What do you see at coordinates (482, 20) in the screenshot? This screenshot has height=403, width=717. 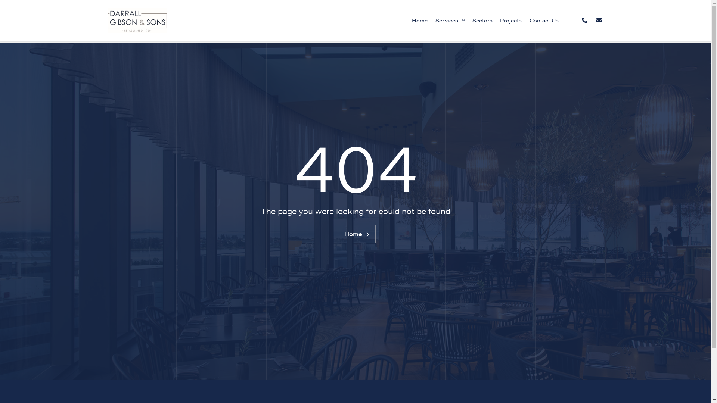 I see `'Sectors'` at bounding box center [482, 20].